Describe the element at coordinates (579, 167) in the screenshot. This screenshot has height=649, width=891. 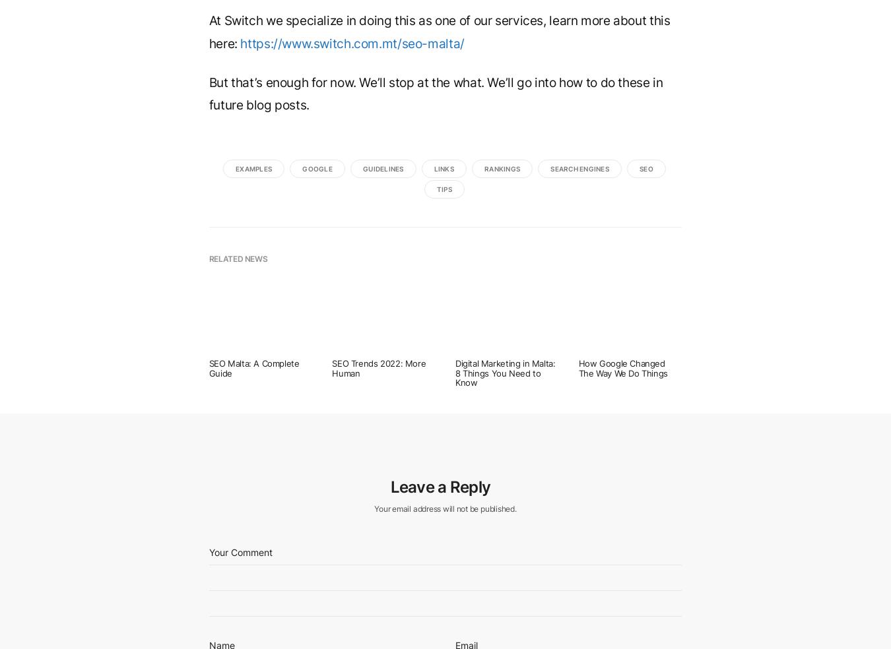
I see `'search engines'` at that location.